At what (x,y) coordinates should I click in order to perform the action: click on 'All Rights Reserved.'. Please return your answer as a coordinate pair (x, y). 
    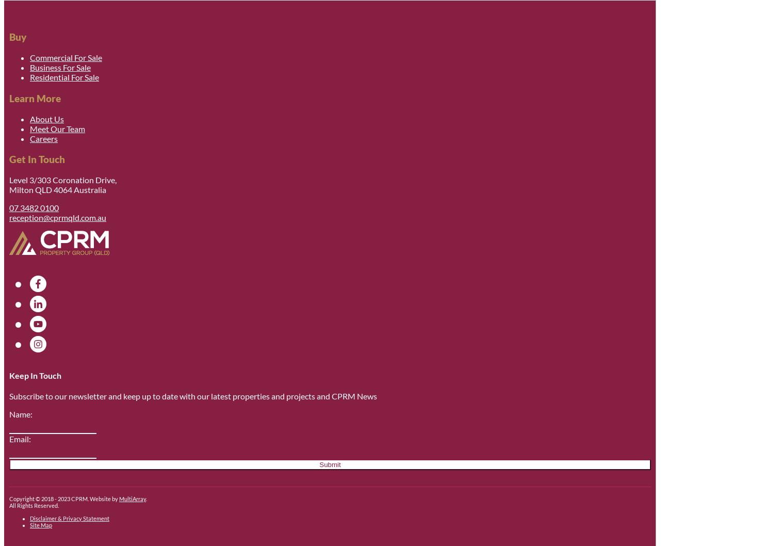
    Looking at the image, I should click on (9, 505).